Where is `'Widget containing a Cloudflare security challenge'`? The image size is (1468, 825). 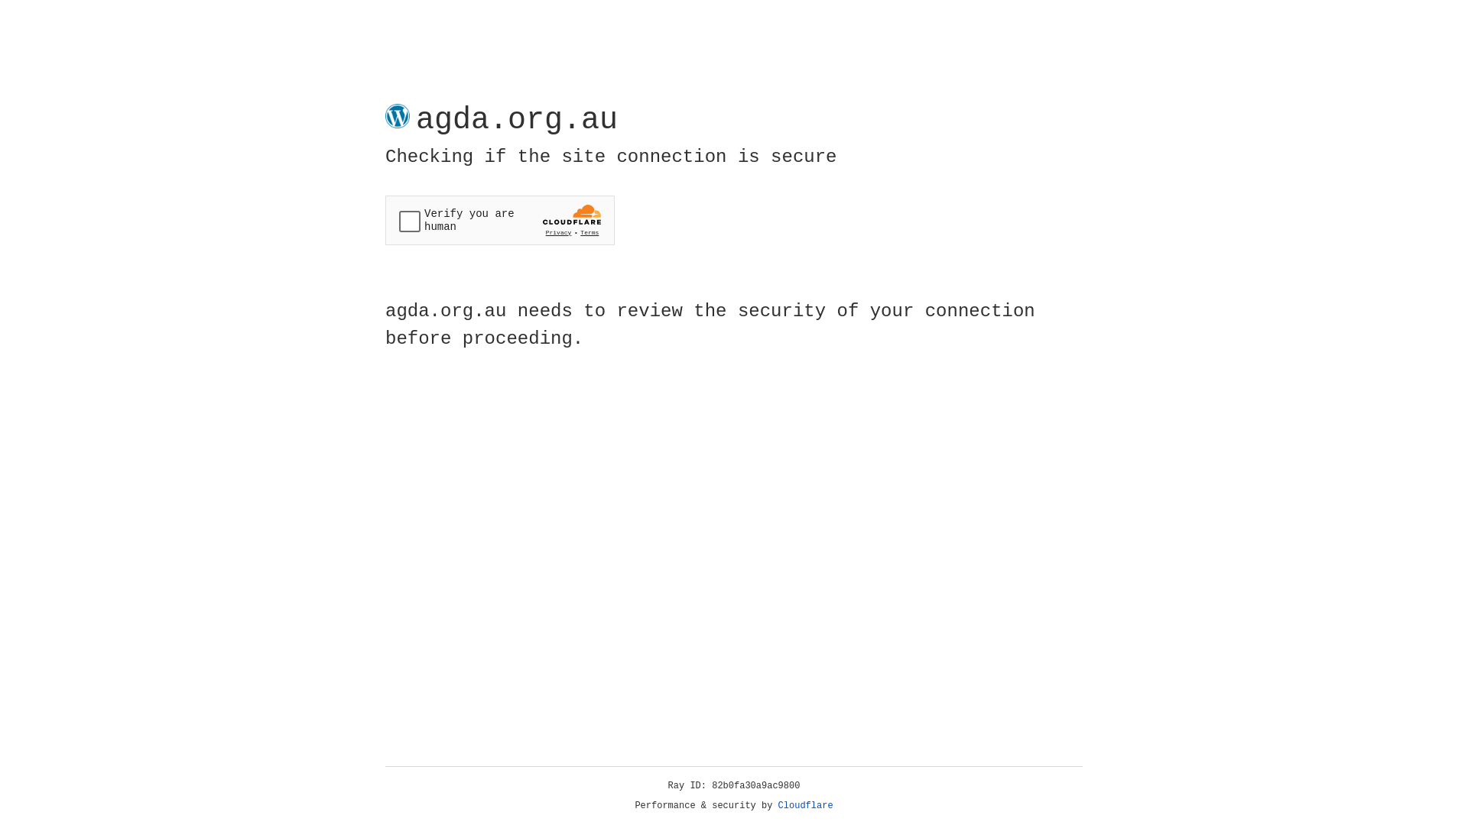 'Widget containing a Cloudflare security challenge' is located at coordinates (499, 220).